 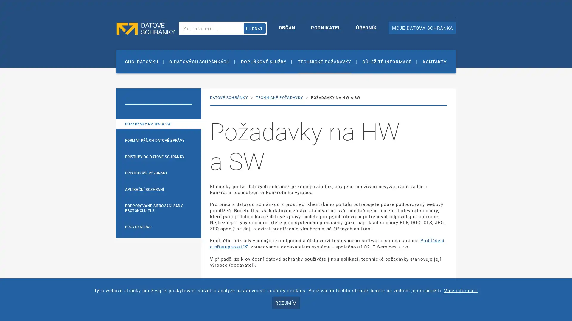 What do you see at coordinates (254, 28) in the screenshot?
I see `Hledat` at bounding box center [254, 28].